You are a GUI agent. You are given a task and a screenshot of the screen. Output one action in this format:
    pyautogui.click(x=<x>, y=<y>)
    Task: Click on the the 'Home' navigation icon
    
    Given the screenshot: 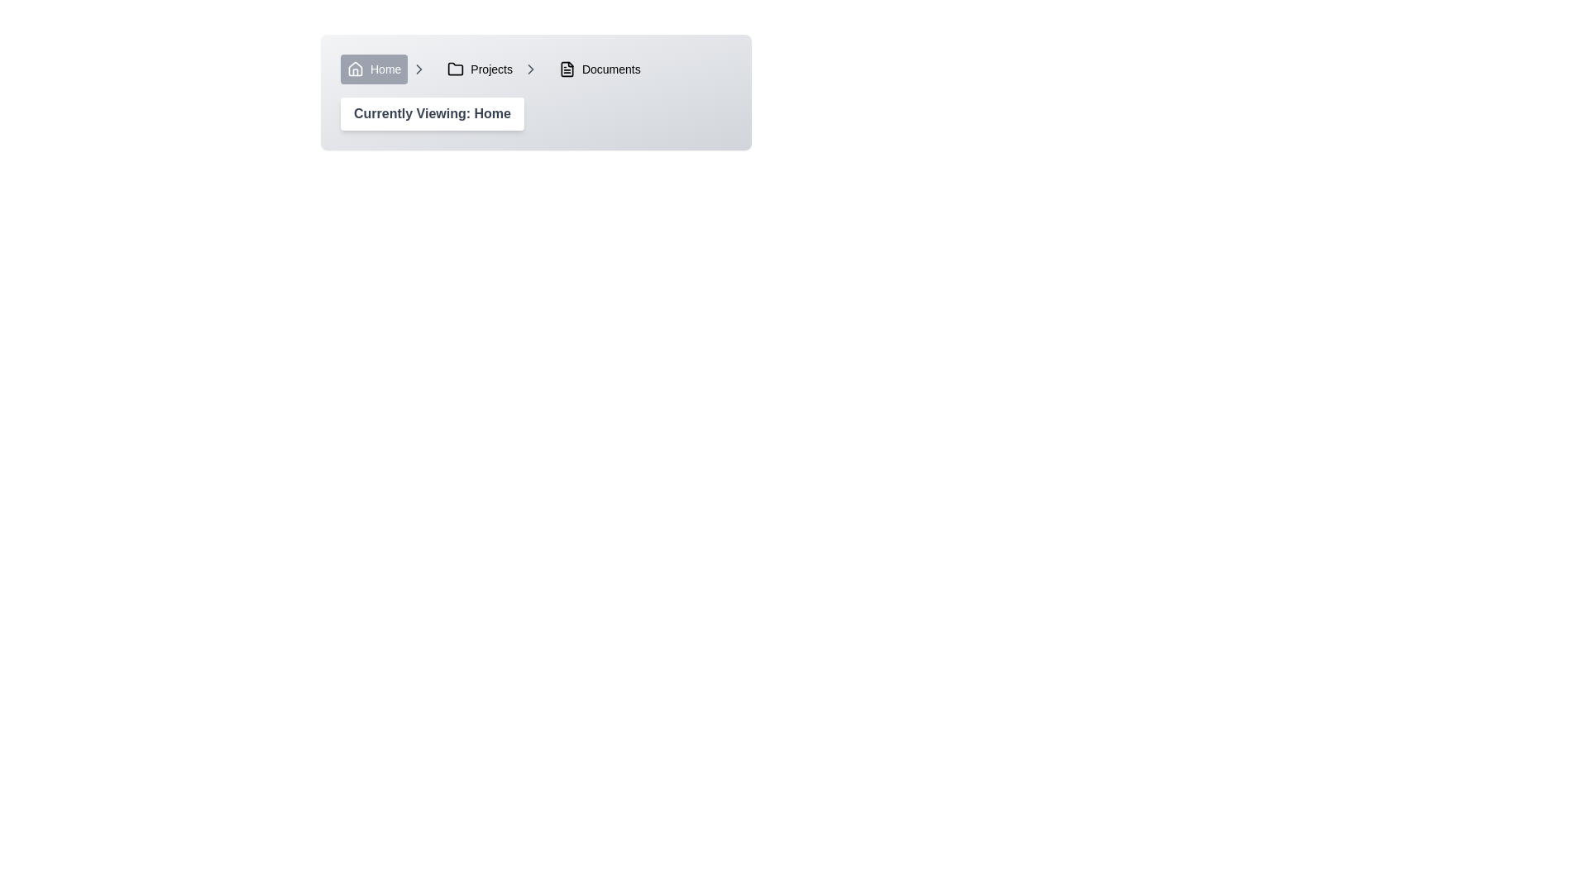 What is the action you would take?
    pyautogui.click(x=355, y=69)
    